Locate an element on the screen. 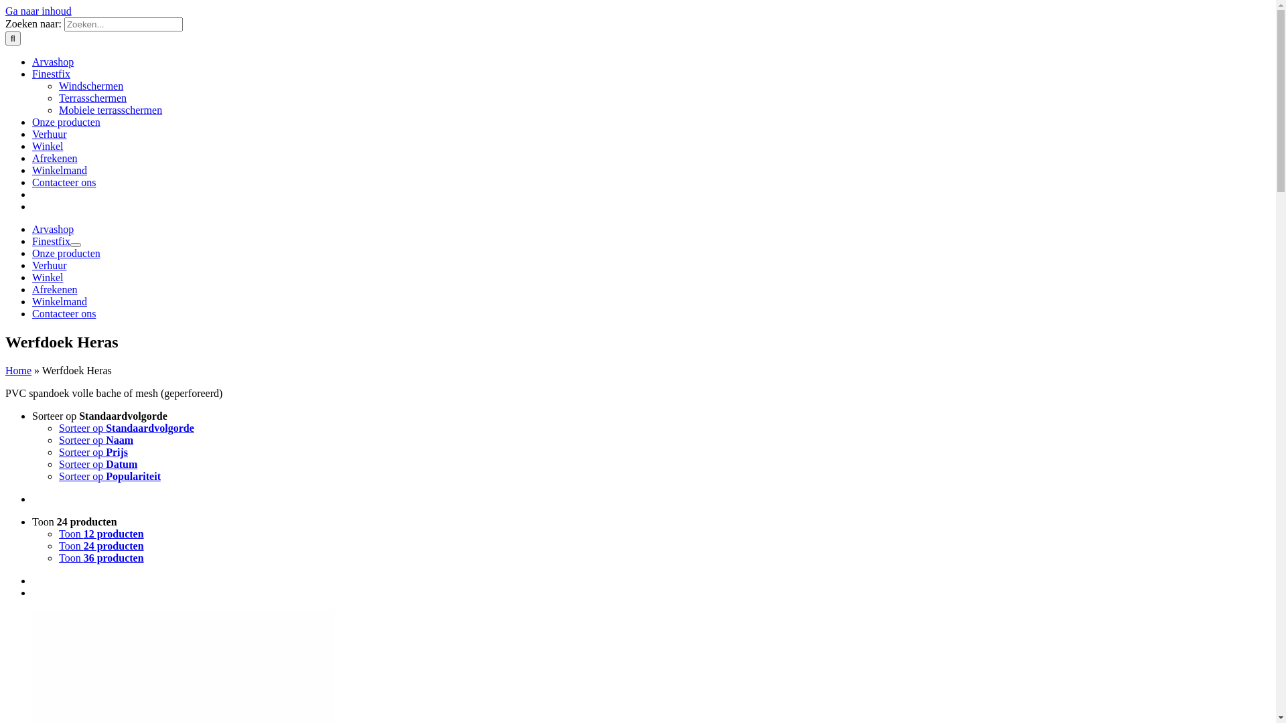 The height and width of the screenshot is (723, 1286). 'Finestfix' is located at coordinates (51, 74).